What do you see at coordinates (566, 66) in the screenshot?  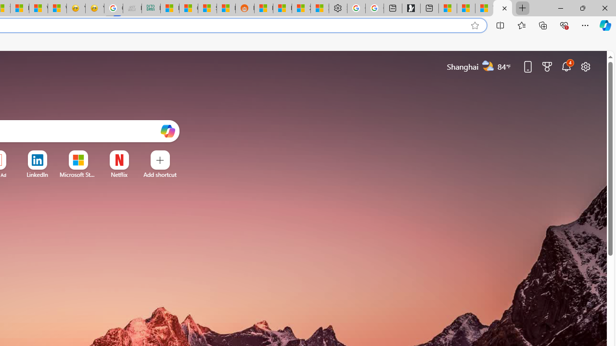 I see `'Notifications'` at bounding box center [566, 66].